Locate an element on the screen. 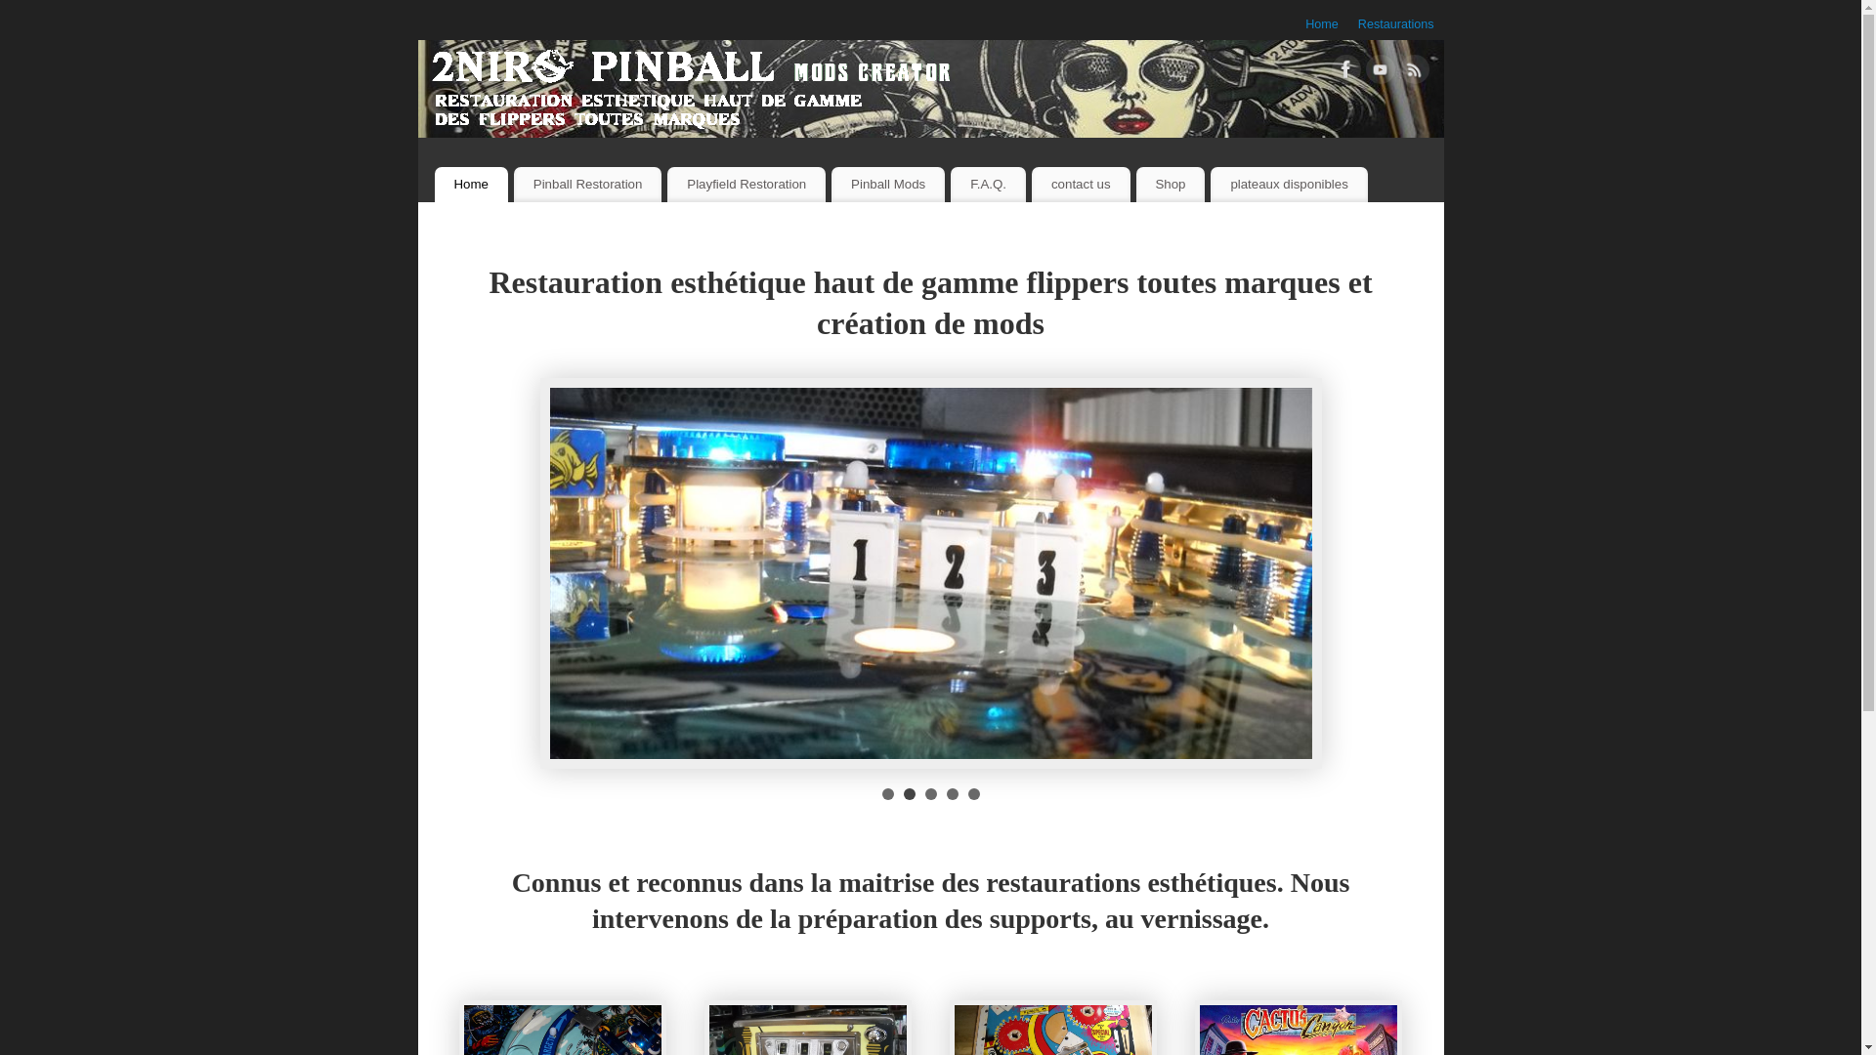 The width and height of the screenshot is (1876, 1055). 'RSS' is located at coordinates (1413, 71).